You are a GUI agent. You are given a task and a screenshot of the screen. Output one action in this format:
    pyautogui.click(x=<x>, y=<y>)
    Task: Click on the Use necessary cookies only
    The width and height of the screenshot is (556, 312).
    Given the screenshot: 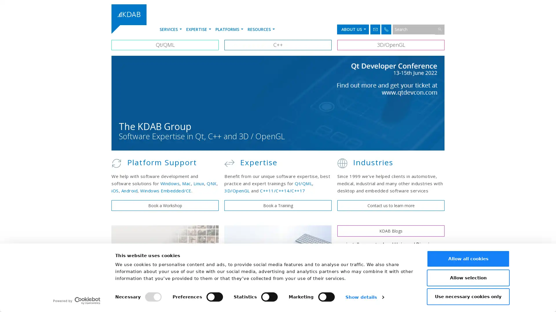 What is the action you would take?
    pyautogui.click(x=468, y=296)
    